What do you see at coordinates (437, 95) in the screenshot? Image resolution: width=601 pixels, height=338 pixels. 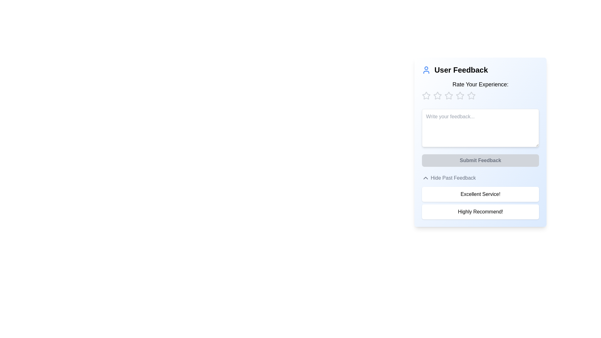 I see `the second star icon in the row of five stars for rating` at bounding box center [437, 95].